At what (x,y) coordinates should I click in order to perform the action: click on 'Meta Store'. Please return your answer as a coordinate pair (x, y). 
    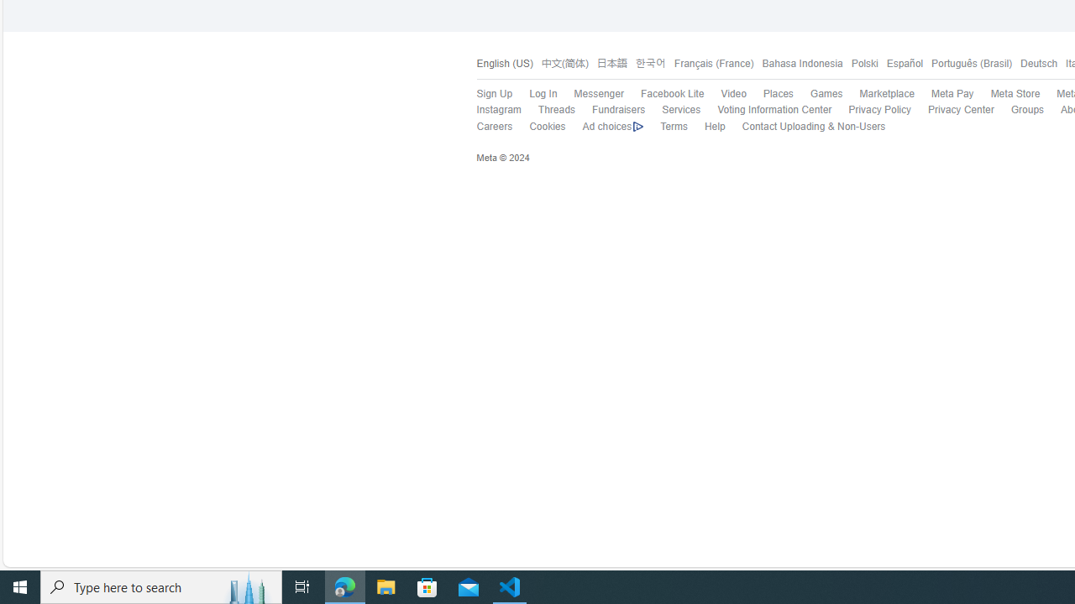
    Looking at the image, I should click on (1014, 94).